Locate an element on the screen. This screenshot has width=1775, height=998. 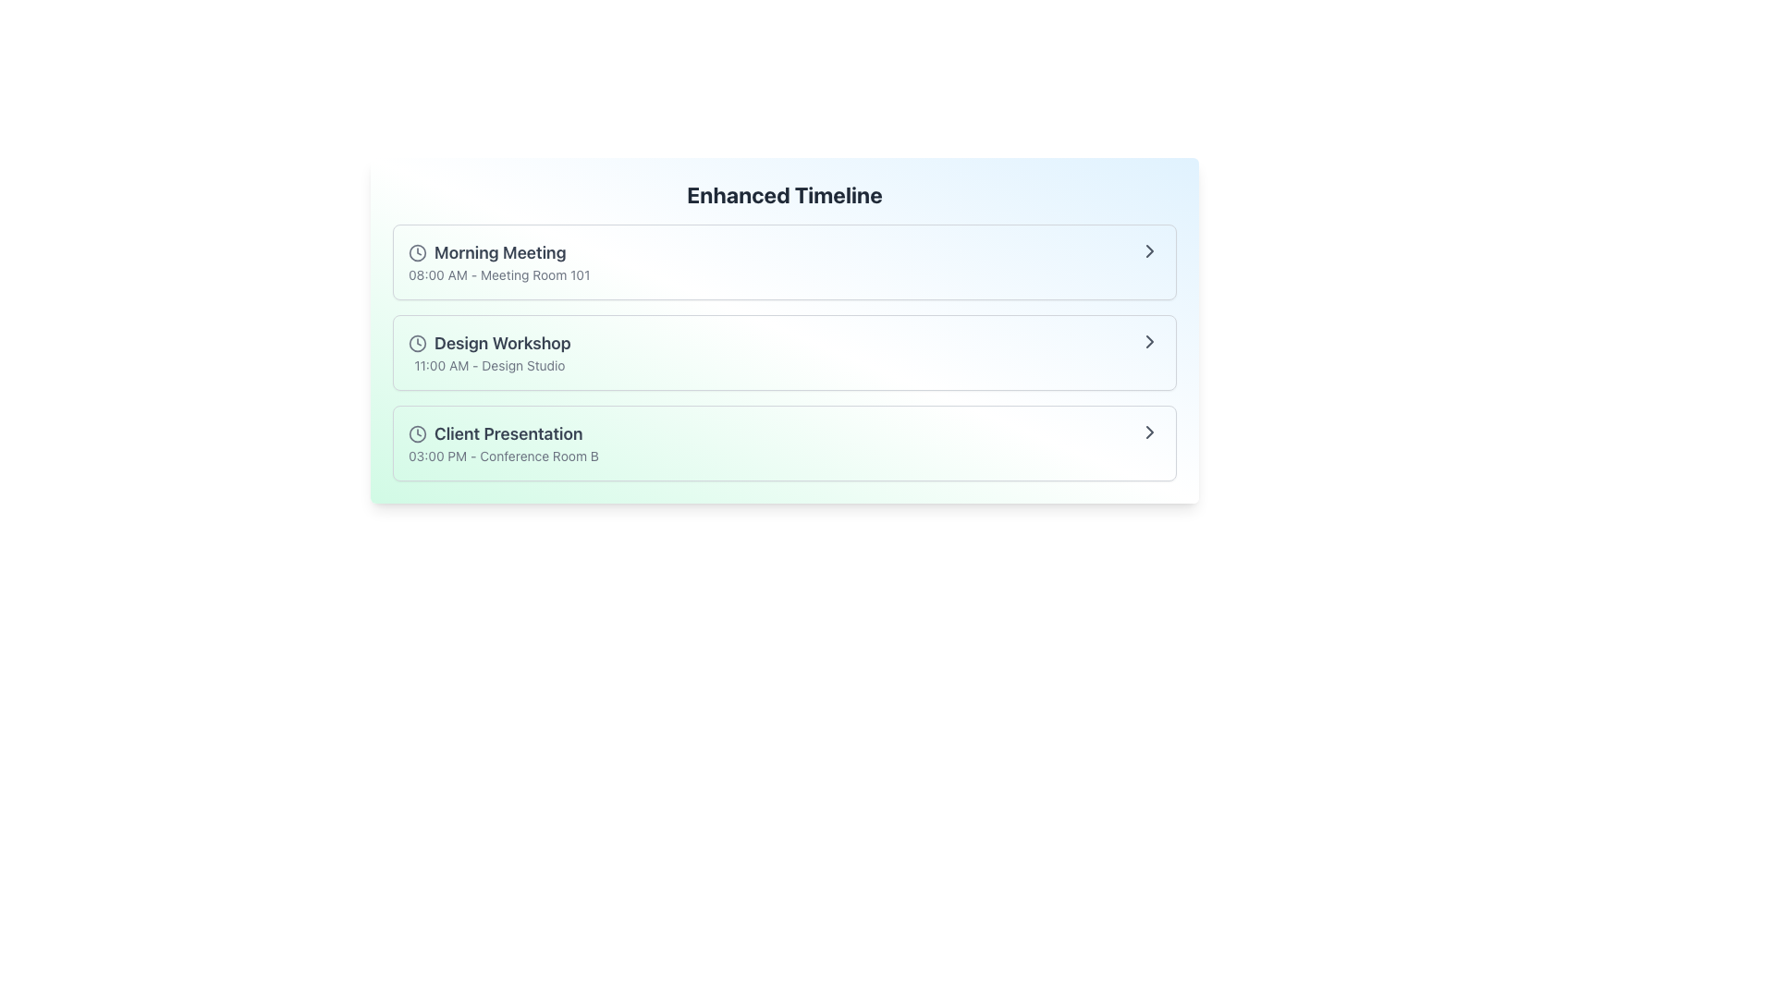
the chevron icon button located at the far right of the row for the 'Client Presentation' schedule item is located at coordinates (1148, 432).